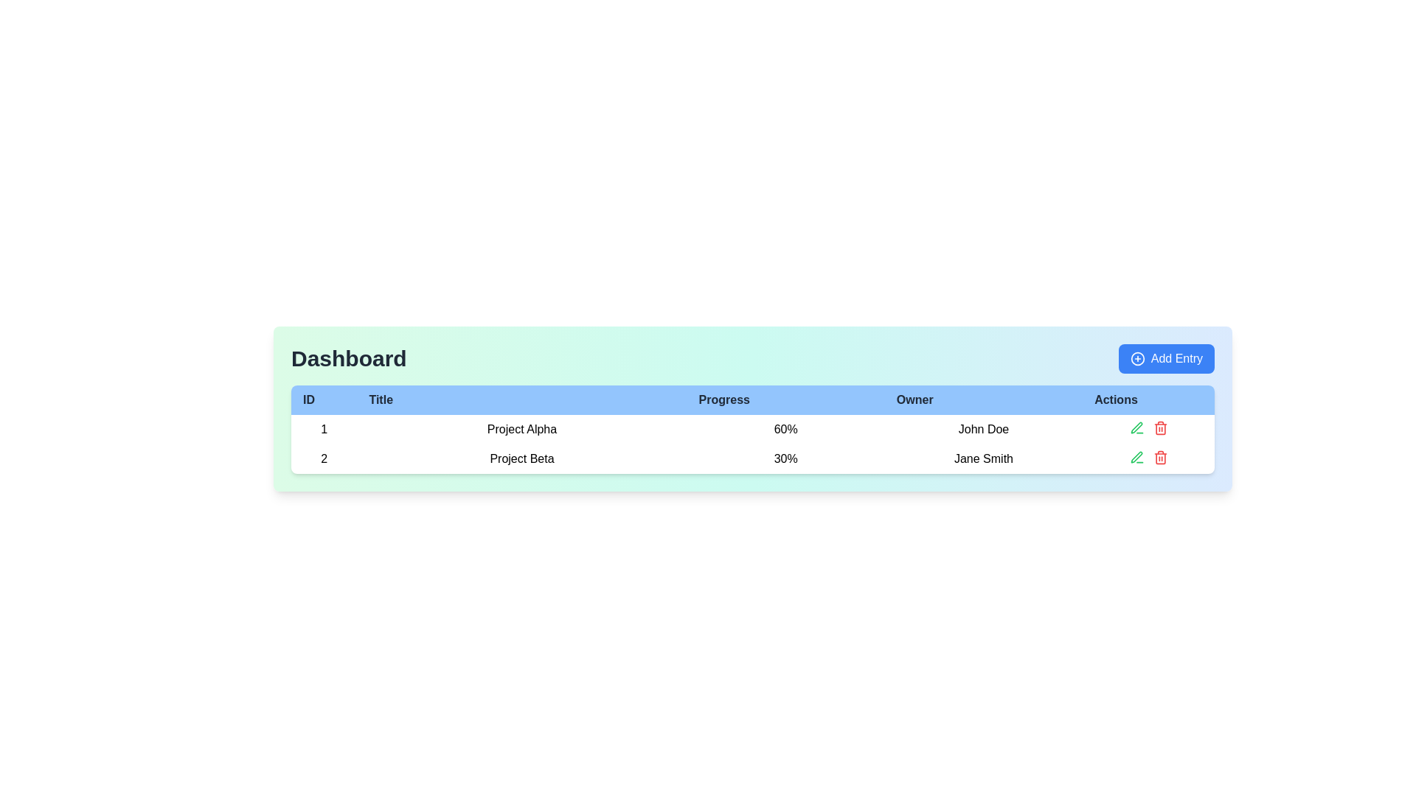 The height and width of the screenshot is (796, 1416). I want to click on text displayed as 'Project Alpha' located in the second column of the first row under the 'Title' header in a structured table, so click(521, 429).